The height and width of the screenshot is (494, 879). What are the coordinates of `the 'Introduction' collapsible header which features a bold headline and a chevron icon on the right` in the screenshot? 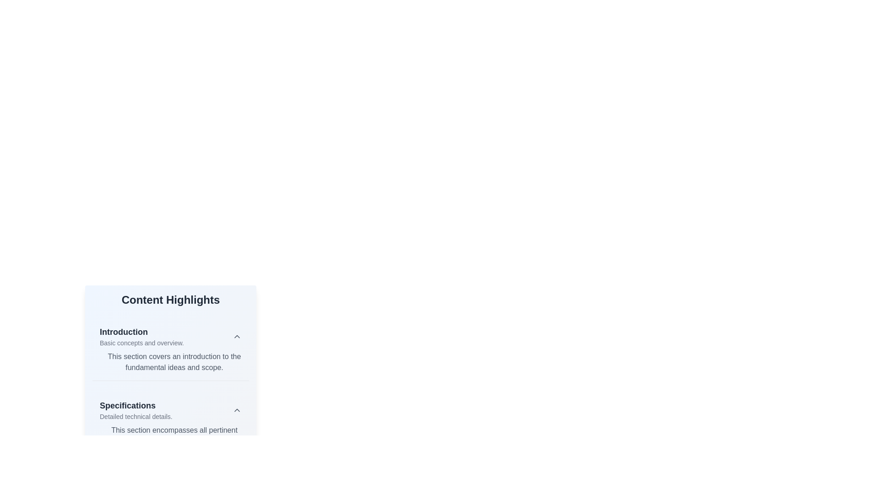 It's located at (171, 337).